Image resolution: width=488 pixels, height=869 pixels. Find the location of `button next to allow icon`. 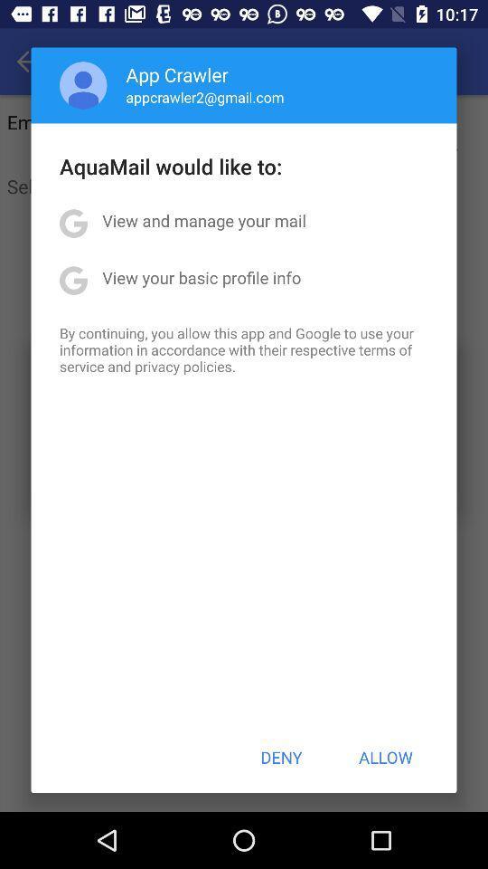

button next to allow icon is located at coordinates (281, 757).